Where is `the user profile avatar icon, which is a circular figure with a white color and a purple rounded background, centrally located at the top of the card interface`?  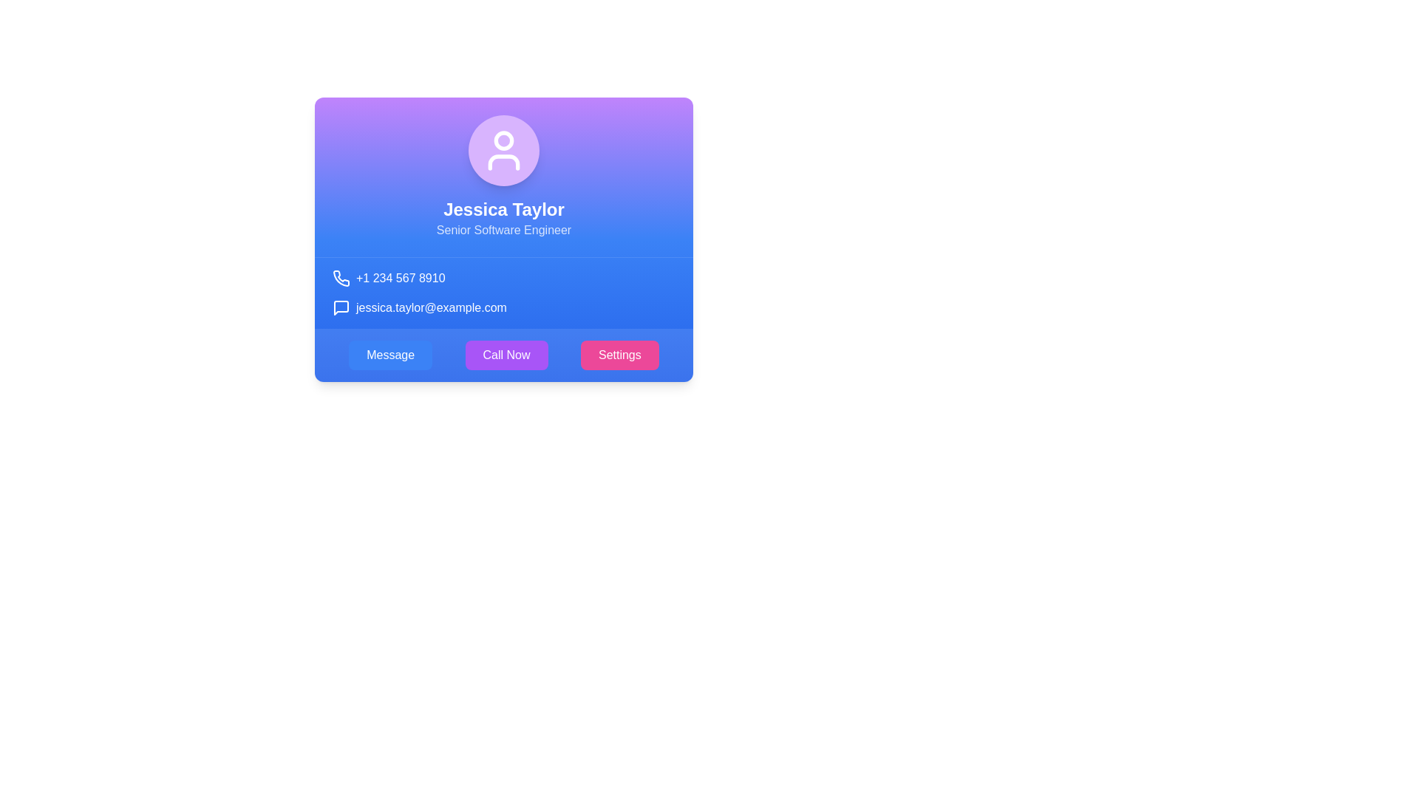
the user profile avatar icon, which is a circular figure with a white color and a purple rounded background, centrally located at the top of the card interface is located at coordinates (503, 151).